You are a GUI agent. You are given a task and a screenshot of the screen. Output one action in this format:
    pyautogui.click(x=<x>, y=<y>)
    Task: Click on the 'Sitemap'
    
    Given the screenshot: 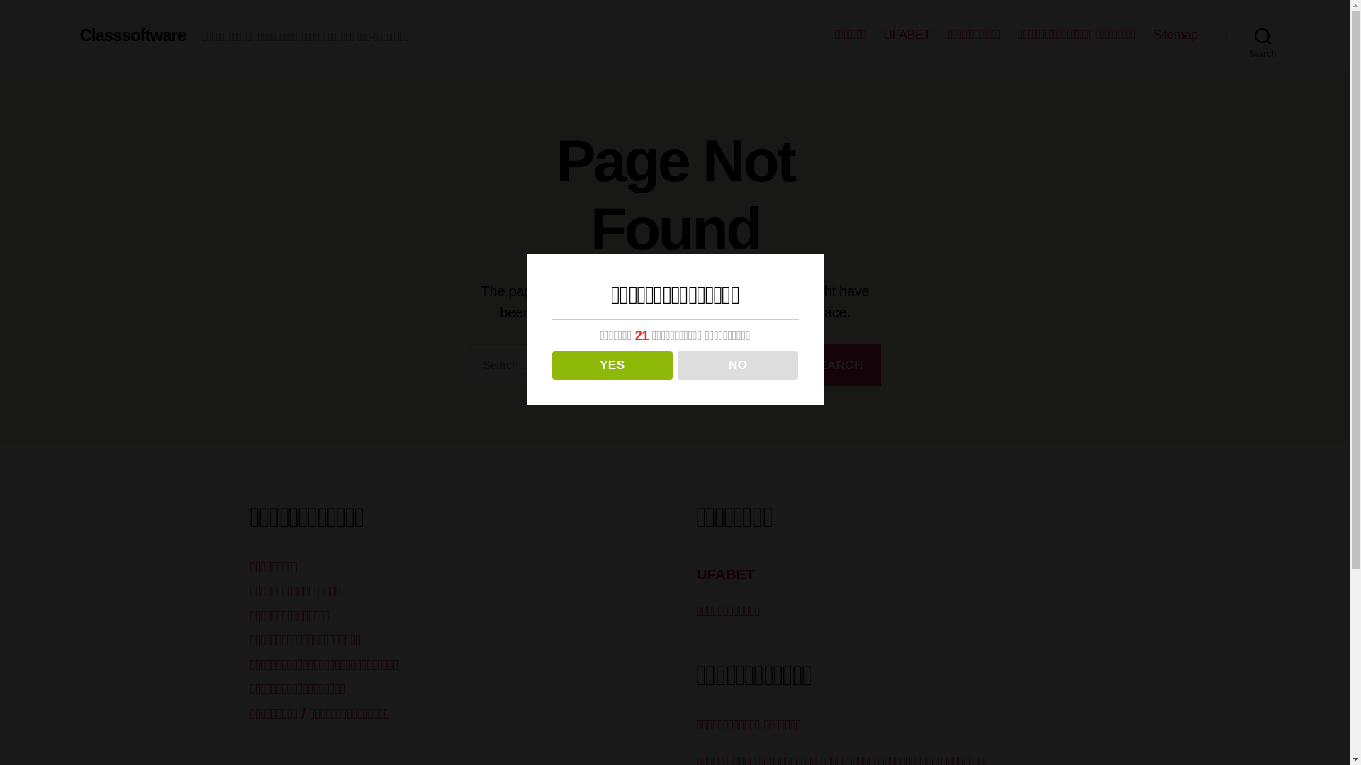 What is the action you would take?
    pyautogui.click(x=1175, y=35)
    